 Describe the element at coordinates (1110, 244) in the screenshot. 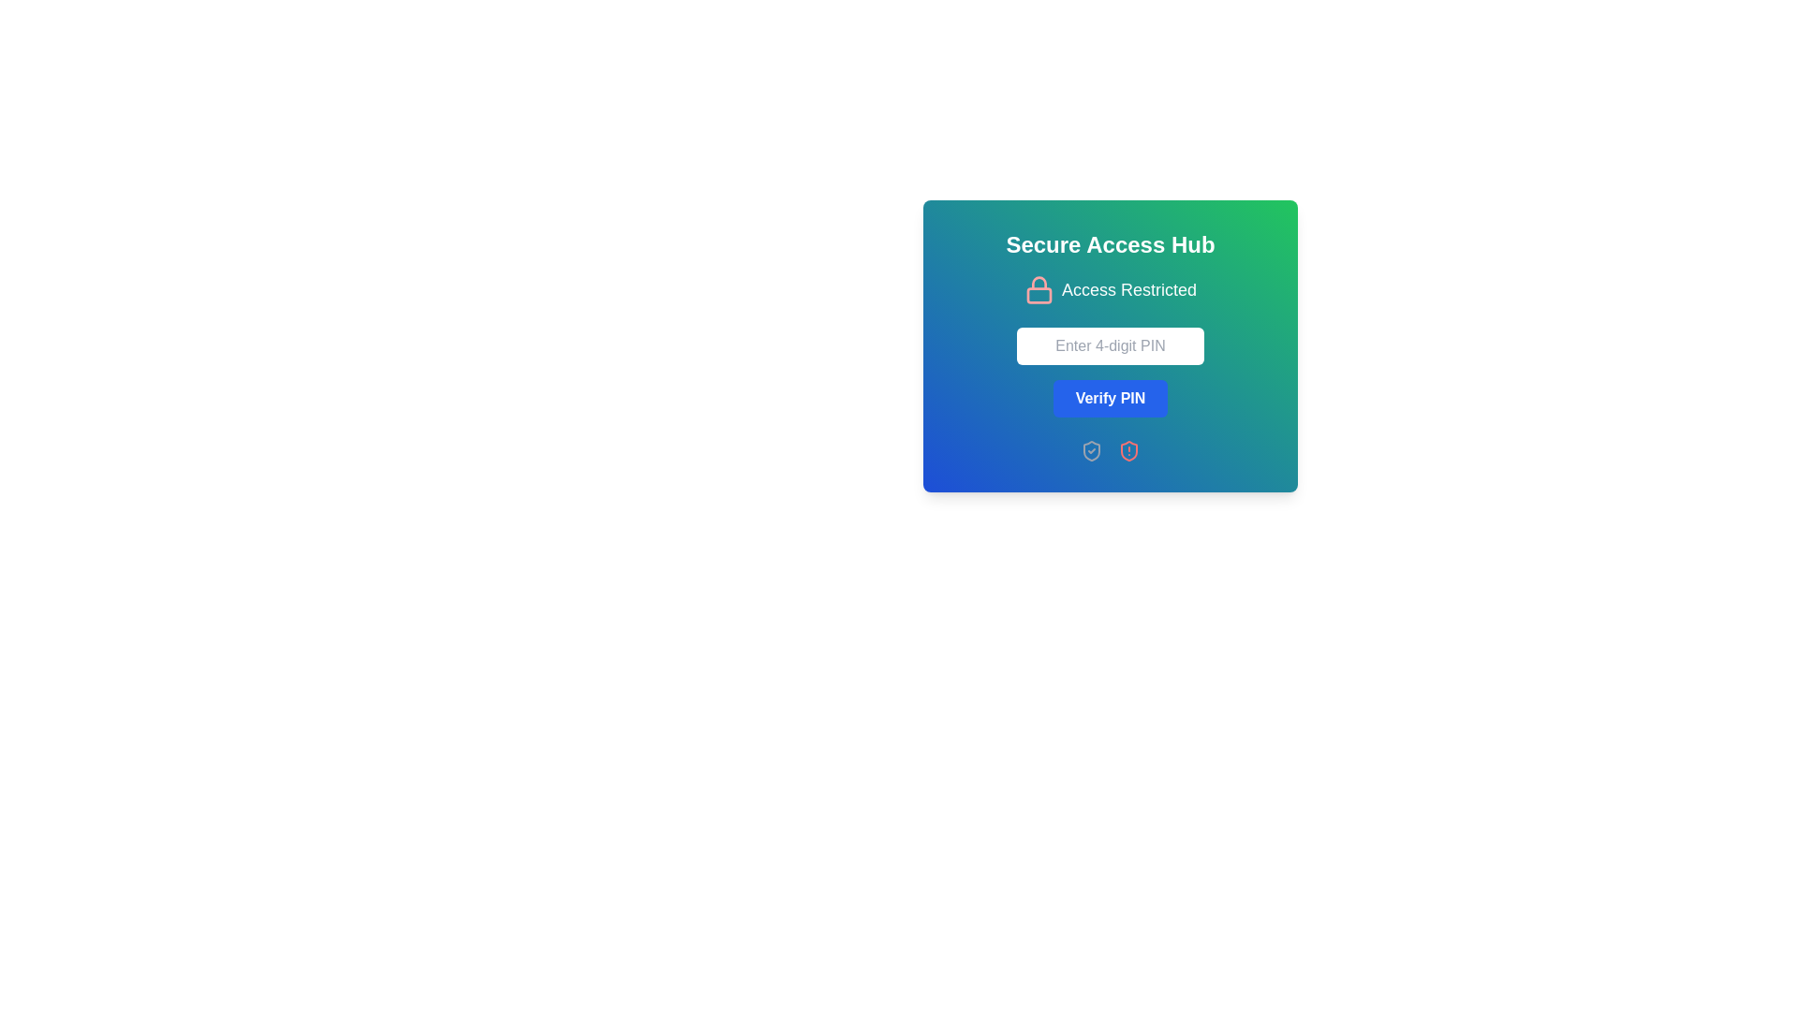

I see `the Text Label at the top center of the interface, which serves as the title for the section, located above the subtitle 'Access Restricted' and the PIN entry field` at that location.